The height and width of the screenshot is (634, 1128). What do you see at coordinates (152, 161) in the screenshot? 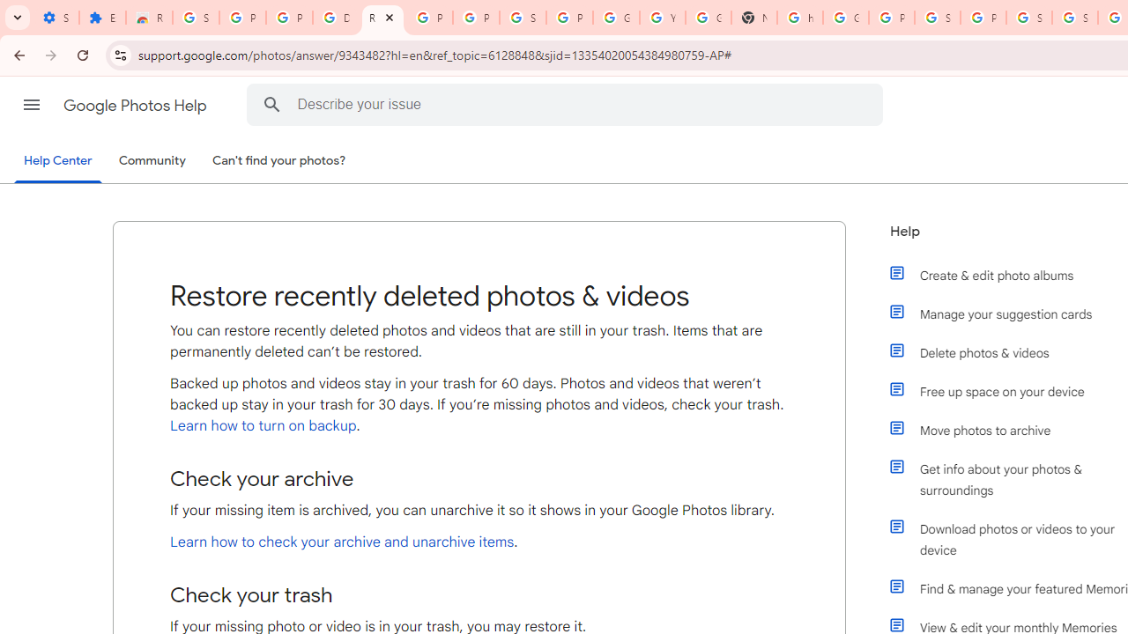
I see `'Community'` at bounding box center [152, 161].